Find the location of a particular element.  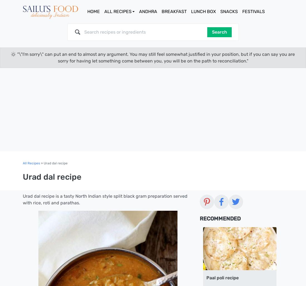

'Snacks' is located at coordinates (229, 11).